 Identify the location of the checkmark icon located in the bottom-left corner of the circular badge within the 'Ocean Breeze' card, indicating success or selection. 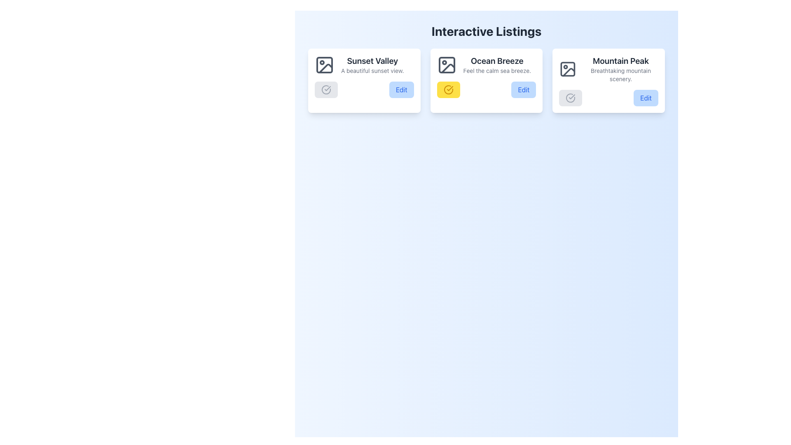
(449, 89).